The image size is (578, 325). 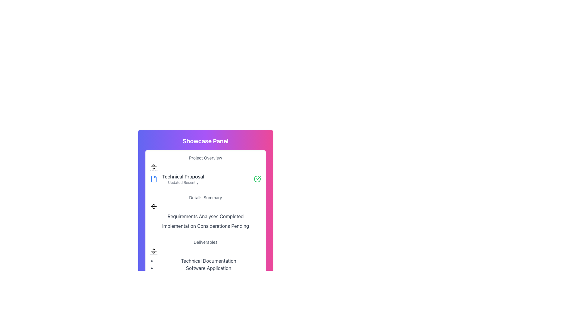 What do you see at coordinates (183, 178) in the screenshot?
I see `the text block containing 'Technical Proposal' in bold, dark gray font and 'Updated Recently' in smaller, lighter gray font, which is located centrally in the white panel below the 'Project Overview' heading` at bounding box center [183, 178].